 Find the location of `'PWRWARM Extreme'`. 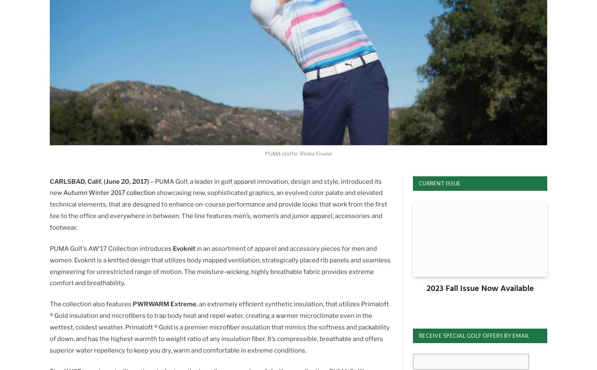

'PWRWARM Extreme' is located at coordinates (132, 303).